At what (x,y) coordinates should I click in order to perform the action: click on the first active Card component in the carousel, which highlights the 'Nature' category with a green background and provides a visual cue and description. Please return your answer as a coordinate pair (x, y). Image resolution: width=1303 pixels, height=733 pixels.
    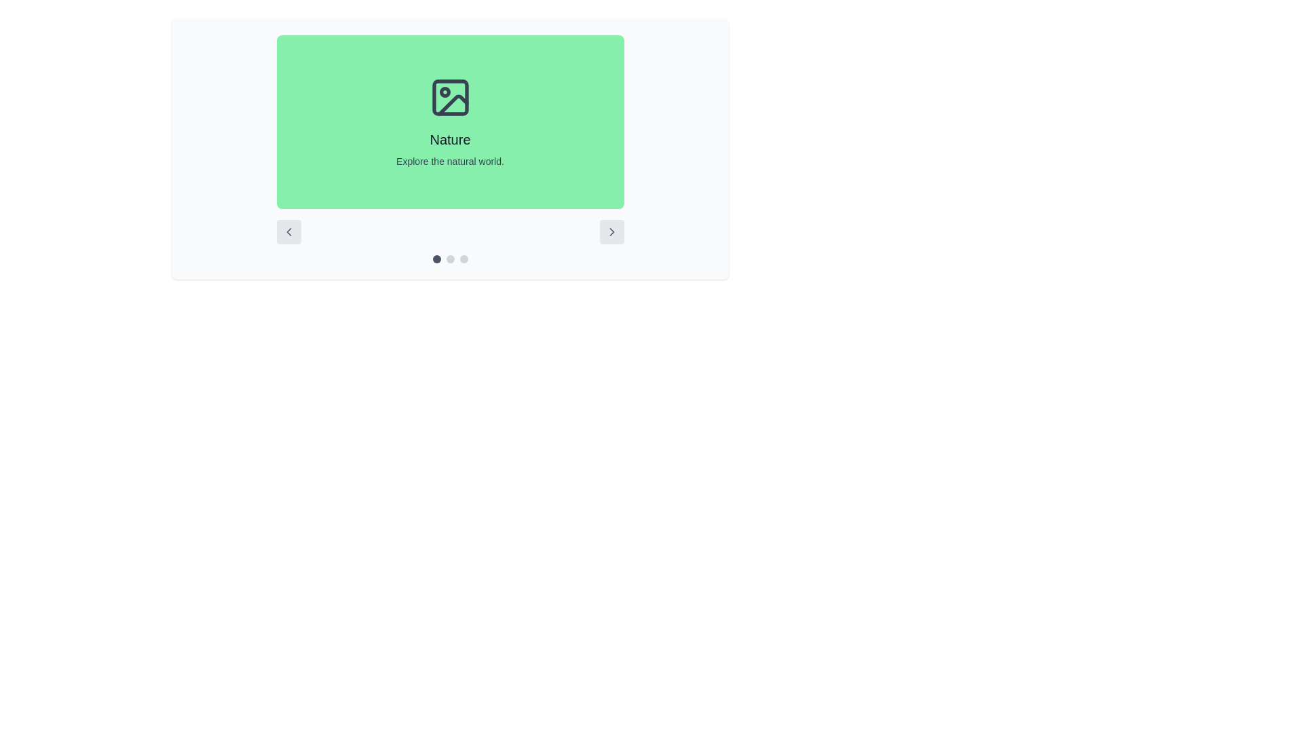
    Looking at the image, I should click on (450, 122).